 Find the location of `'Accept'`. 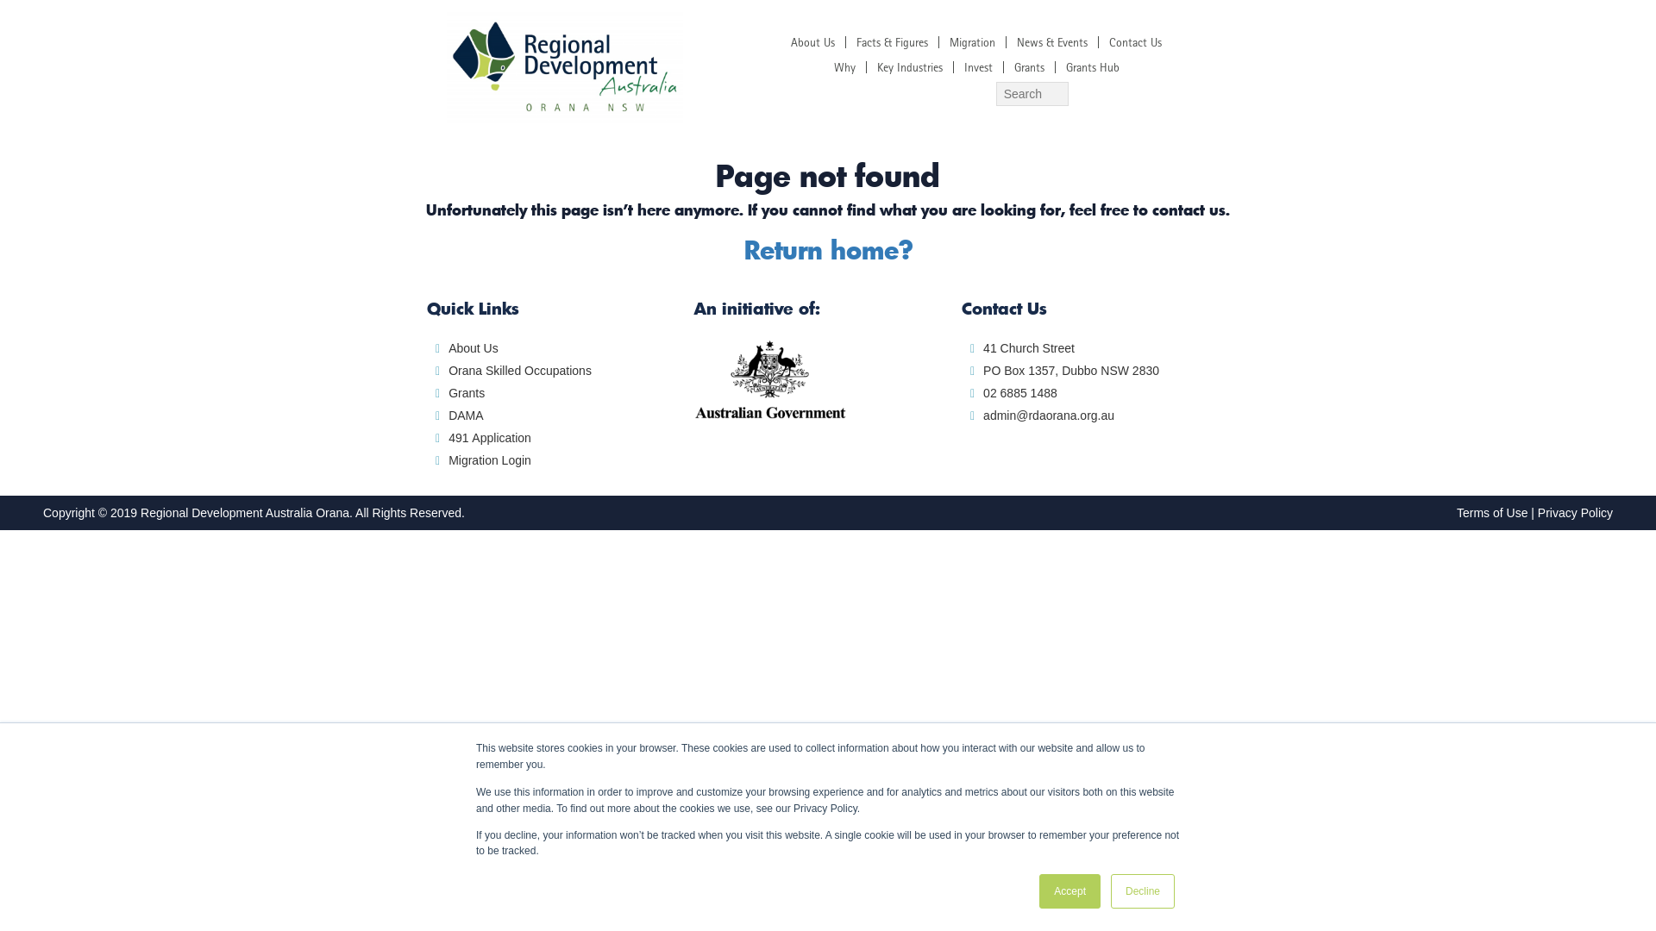

'Accept' is located at coordinates (1069, 890).